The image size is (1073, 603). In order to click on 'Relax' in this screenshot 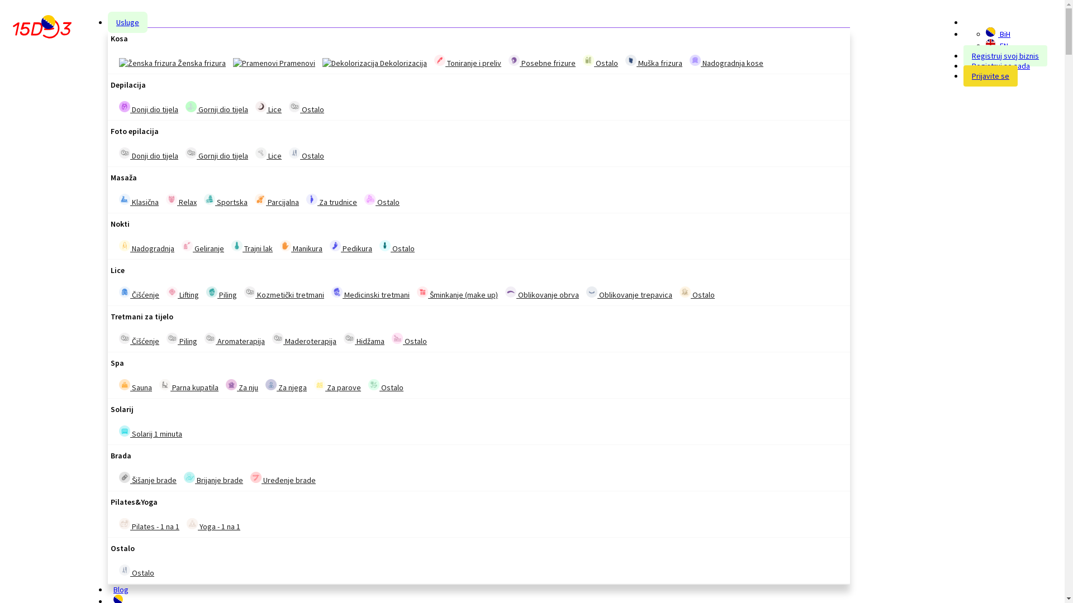, I will do `click(171, 199)`.